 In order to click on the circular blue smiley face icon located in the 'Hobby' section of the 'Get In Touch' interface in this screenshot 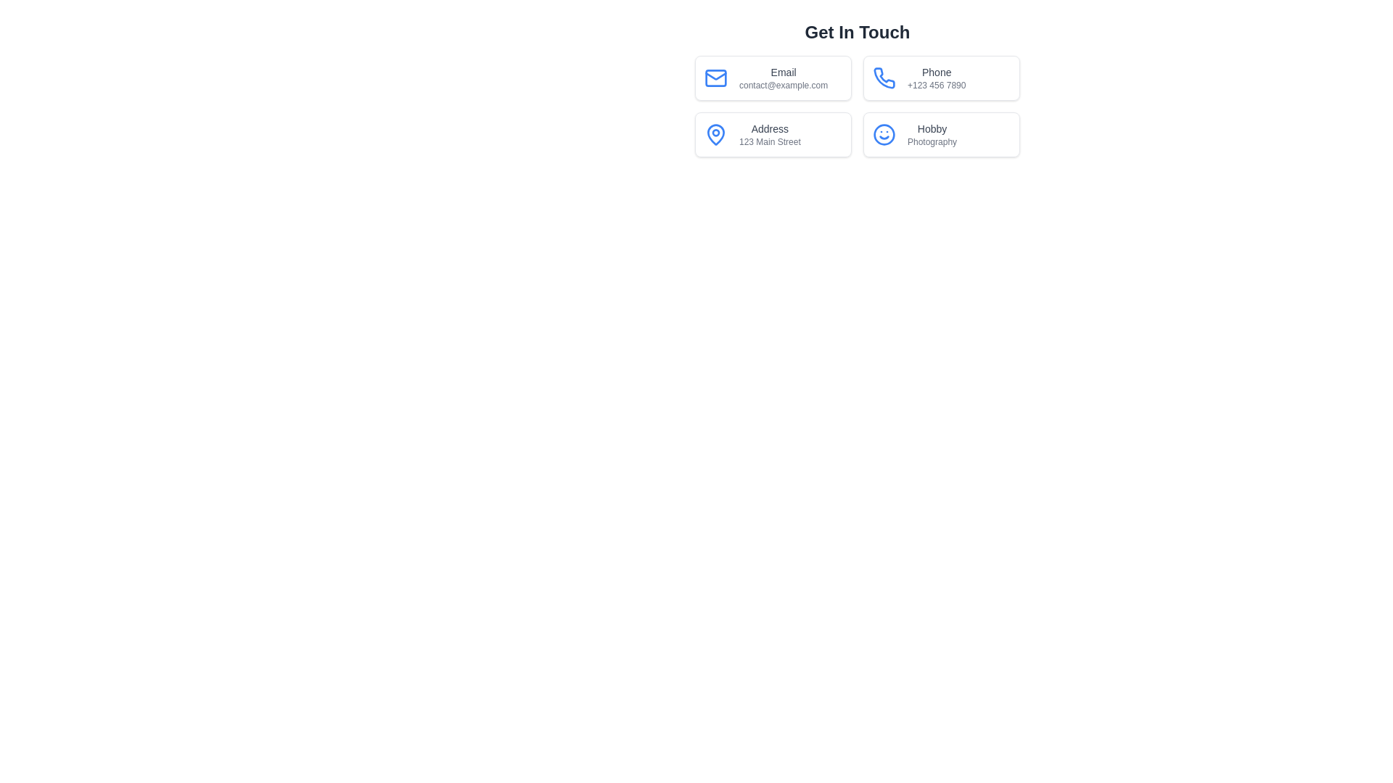, I will do `click(884, 134)`.